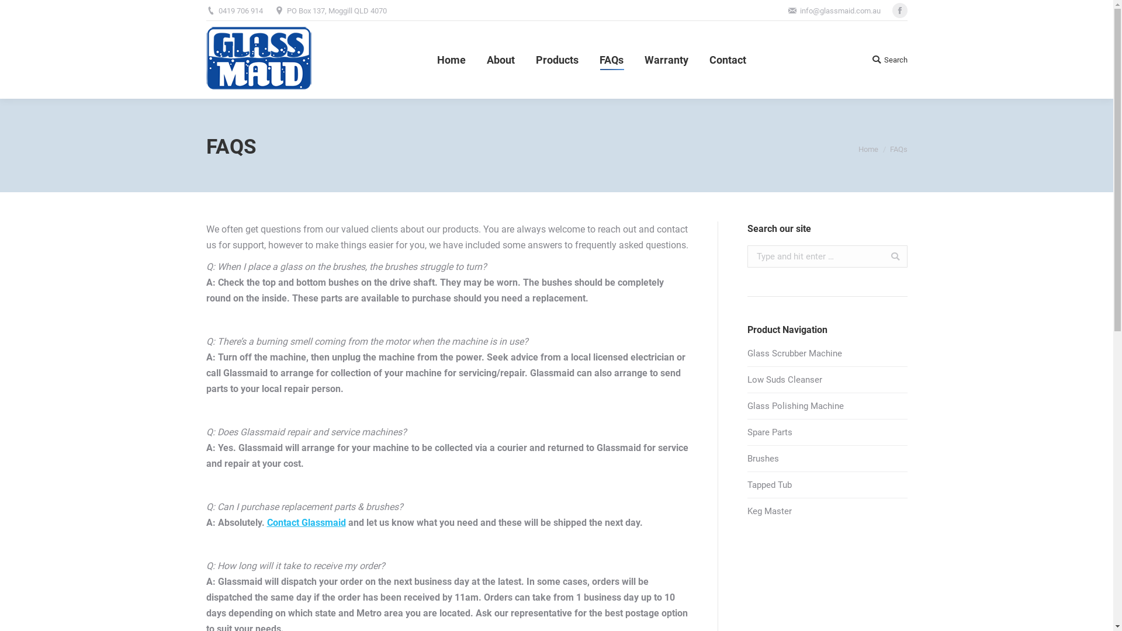 Image resolution: width=1122 pixels, height=631 pixels. What do you see at coordinates (769, 432) in the screenshot?
I see `'Spare Parts'` at bounding box center [769, 432].